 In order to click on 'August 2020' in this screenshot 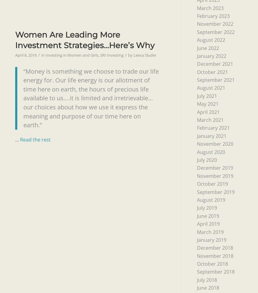, I will do `click(210, 151)`.